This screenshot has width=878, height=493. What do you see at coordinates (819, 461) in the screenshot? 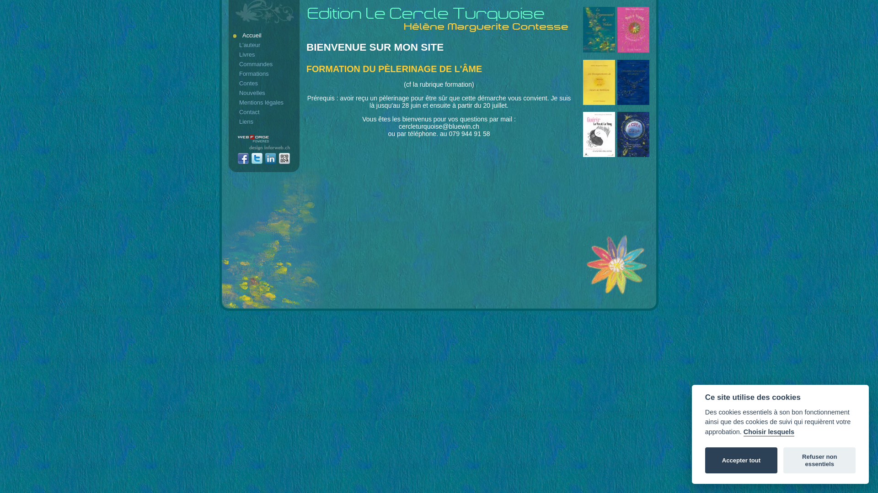
I see `'Refuser non essentiels'` at bounding box center [819, 461].